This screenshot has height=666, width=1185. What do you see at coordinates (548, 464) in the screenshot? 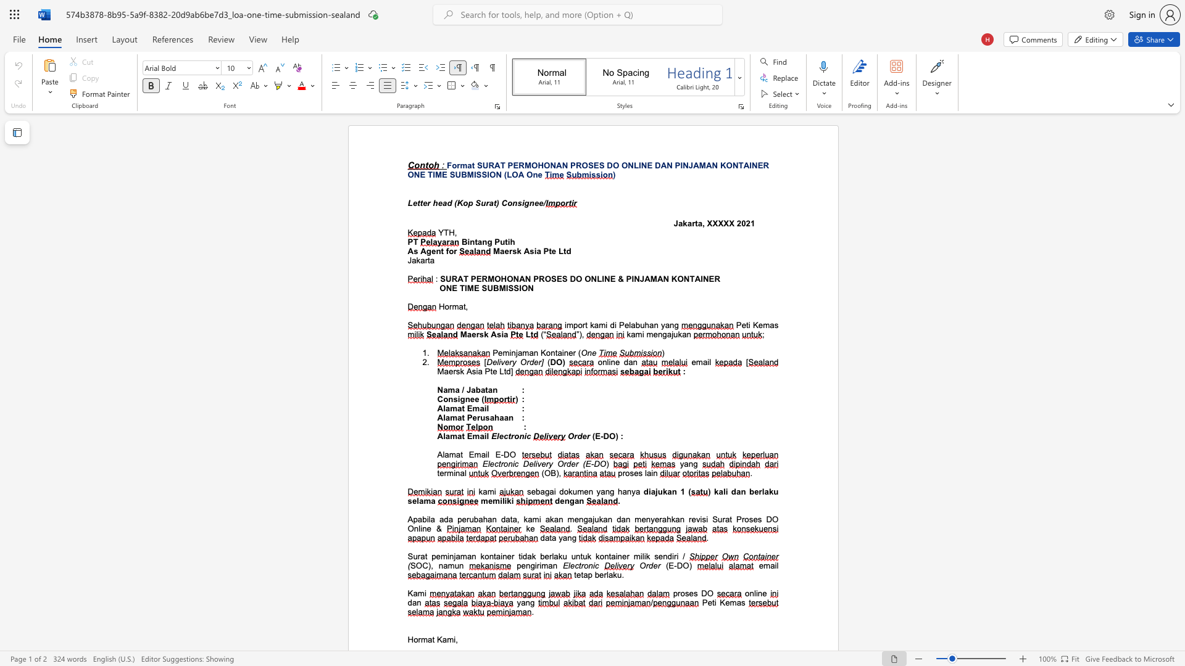
I see `the space between the continuous character "r" and "y" in the text` at bounding box center [548, 464].